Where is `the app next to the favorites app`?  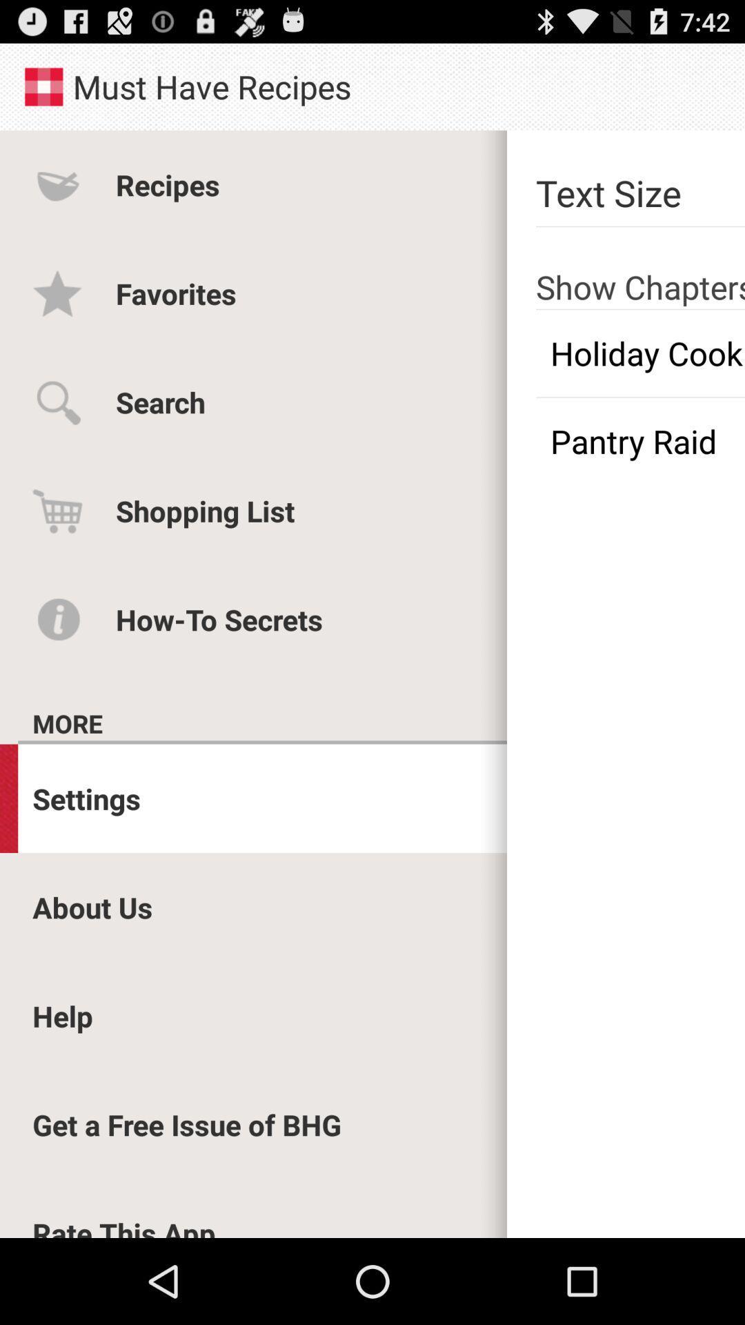
the app next to the favorites app is located at coordinates (640, 353).